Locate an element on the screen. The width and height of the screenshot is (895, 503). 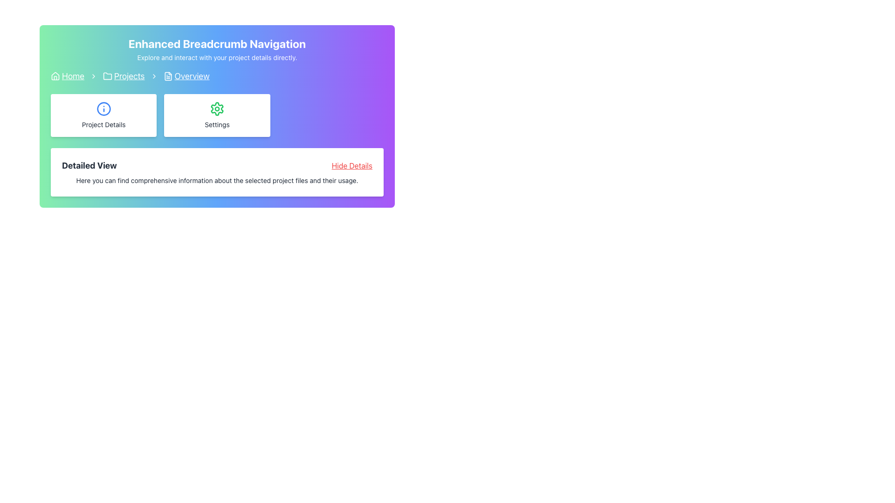
supplementary descriptive text located directly below the heading 'Enhanced Breadcrumb Navigation' is located at coordinates (216, 57).